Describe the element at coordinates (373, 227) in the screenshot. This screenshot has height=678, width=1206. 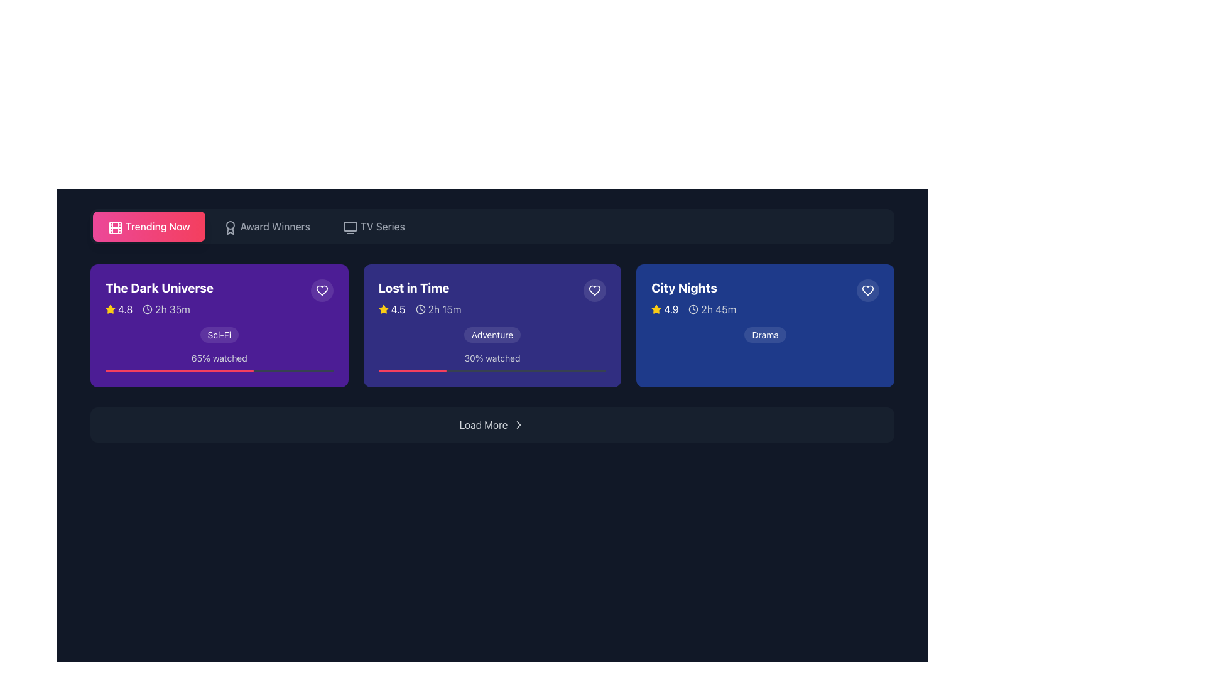
I see `the 'TV Series' button, which is a rounded rectangular button with a dark background and a minimalist TV icon, to filter for TV series content` at that location.